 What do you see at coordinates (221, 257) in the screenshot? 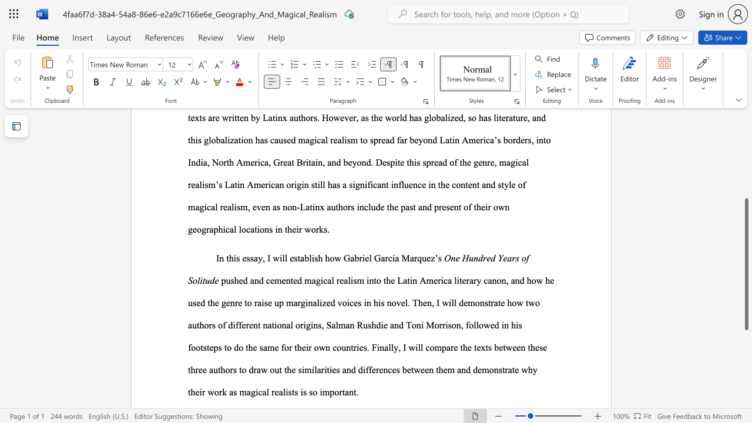
I see `the 1th character "n" in the text` at bounding box center [221, 257].